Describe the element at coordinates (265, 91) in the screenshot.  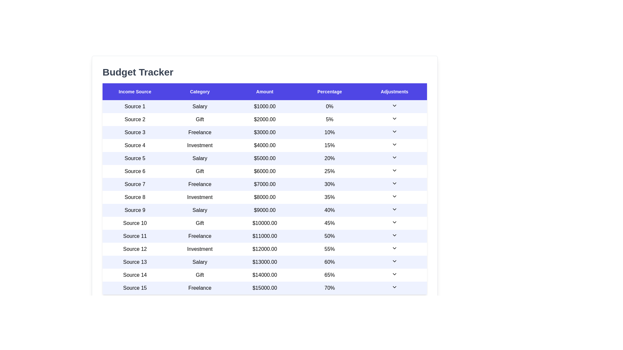
I see `the table header Amount to sort the table by that column` at that location.